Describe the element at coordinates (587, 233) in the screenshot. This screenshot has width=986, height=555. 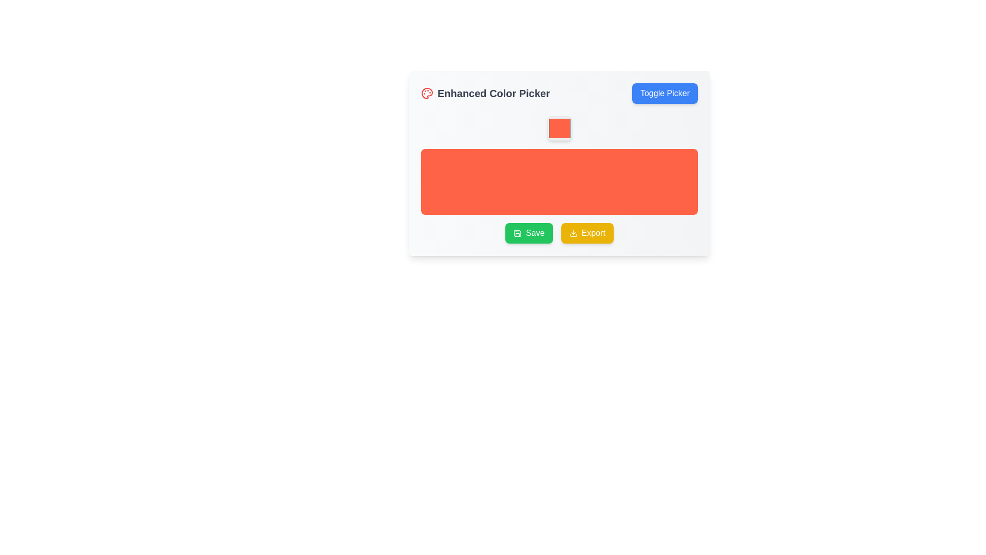
I see `the 'Export' button located to the right of the 'Save' button at the bottom of the interface` at that location.